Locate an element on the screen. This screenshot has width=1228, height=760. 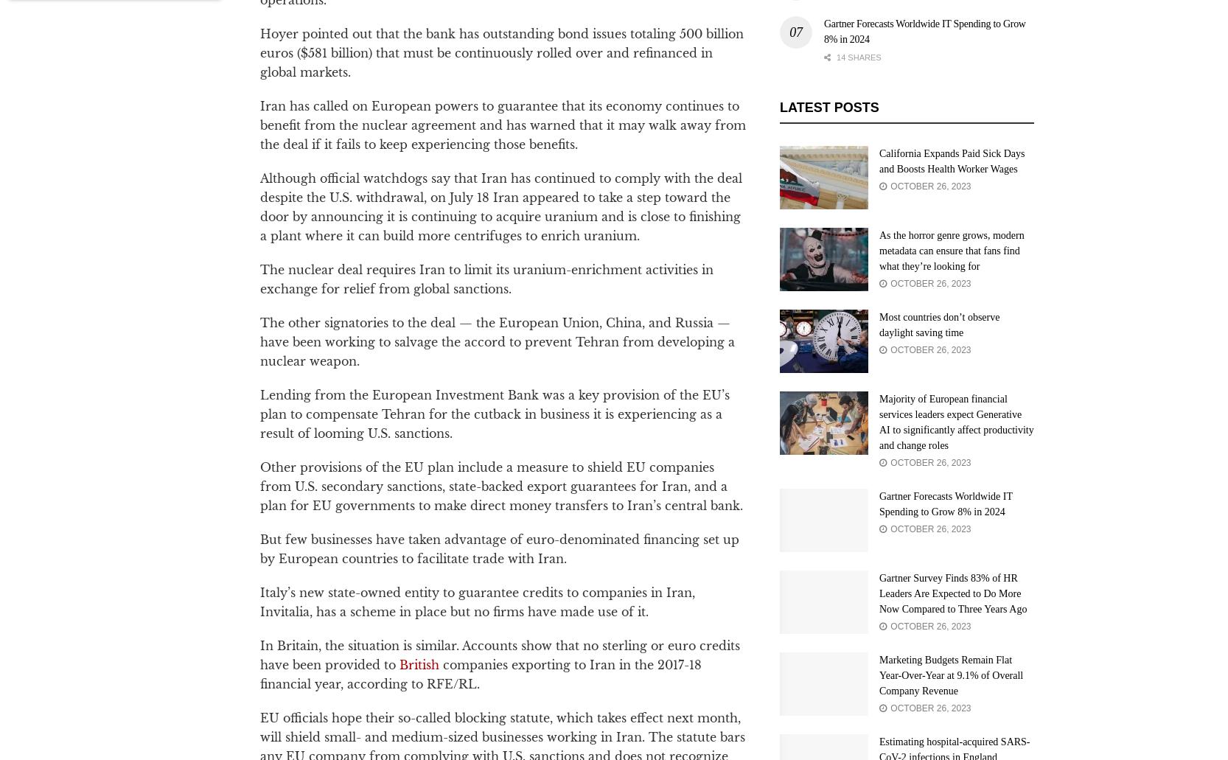
'Although official watchdogs say that Iran has continued to comply with the deal despite the U.S. withdrawal, on July 18 Iran appeared to take a step toward the door by announcing it is continuing to acquire uranium and is close to finishing a plant where it can build more centrifuges to enrich uranium.' is located at coordinates (500, 206).